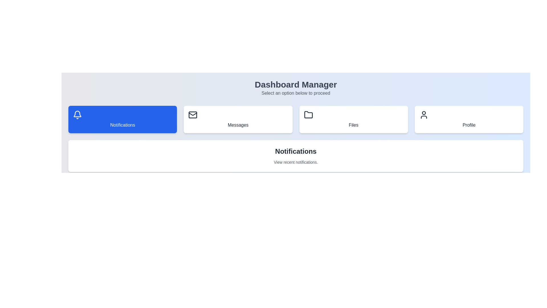  I want to click on the notification bell icon located in the top-left section of the blue 'Notifications' button, so click(77, 114).